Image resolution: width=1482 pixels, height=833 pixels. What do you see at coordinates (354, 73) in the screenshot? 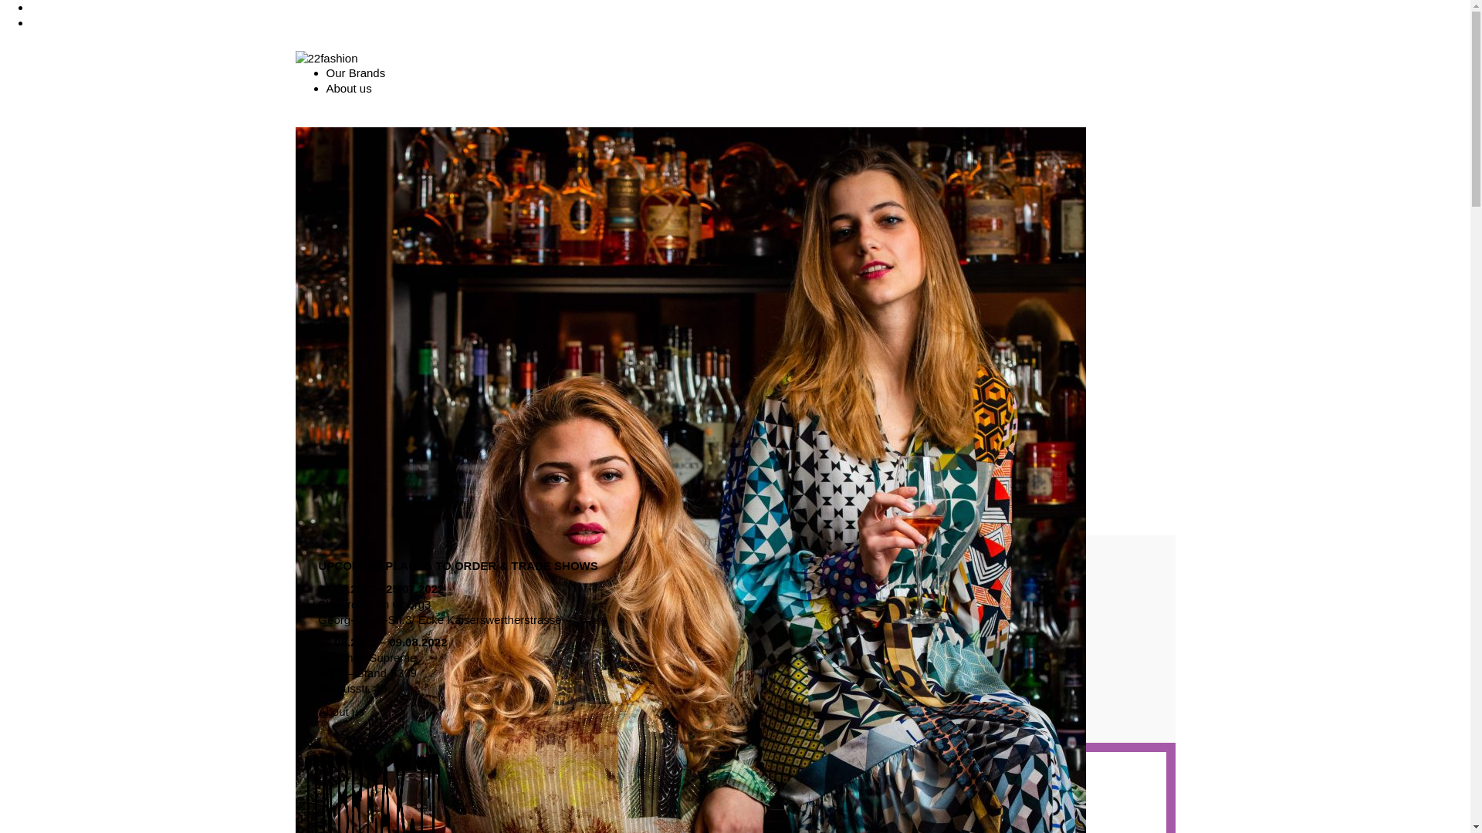
I see `'Our Brands'` at bounding box center [354, 73].